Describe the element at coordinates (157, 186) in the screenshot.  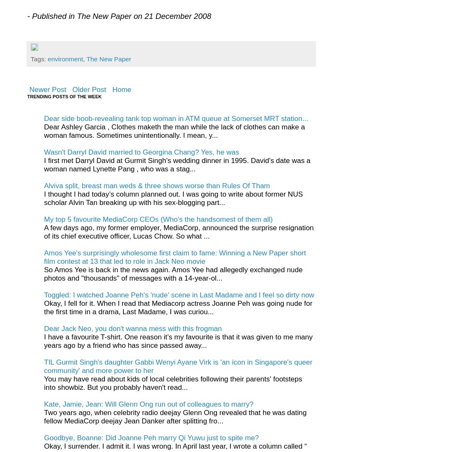
I see `'Alviva split, breast man weds & three shows worse than Rules Of Tham'` at that location.